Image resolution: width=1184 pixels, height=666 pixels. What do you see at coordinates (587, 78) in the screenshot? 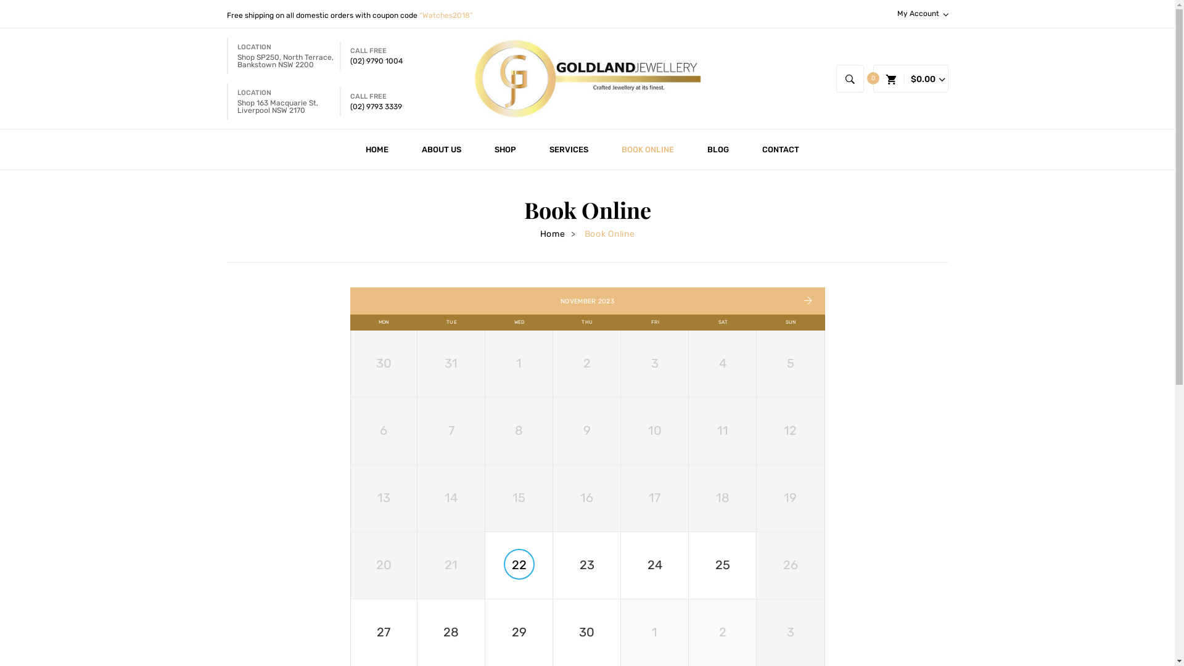
I see `'Goldland Jewellery'` at bounding box center [587, 78].